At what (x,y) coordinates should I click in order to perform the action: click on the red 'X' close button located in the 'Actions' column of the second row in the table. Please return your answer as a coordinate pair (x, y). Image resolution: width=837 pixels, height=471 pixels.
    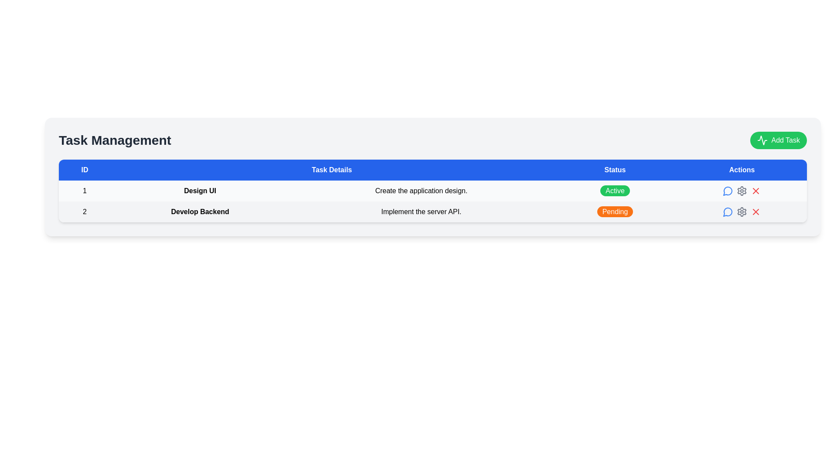
    Looking at the image, I should click on (755, 191).